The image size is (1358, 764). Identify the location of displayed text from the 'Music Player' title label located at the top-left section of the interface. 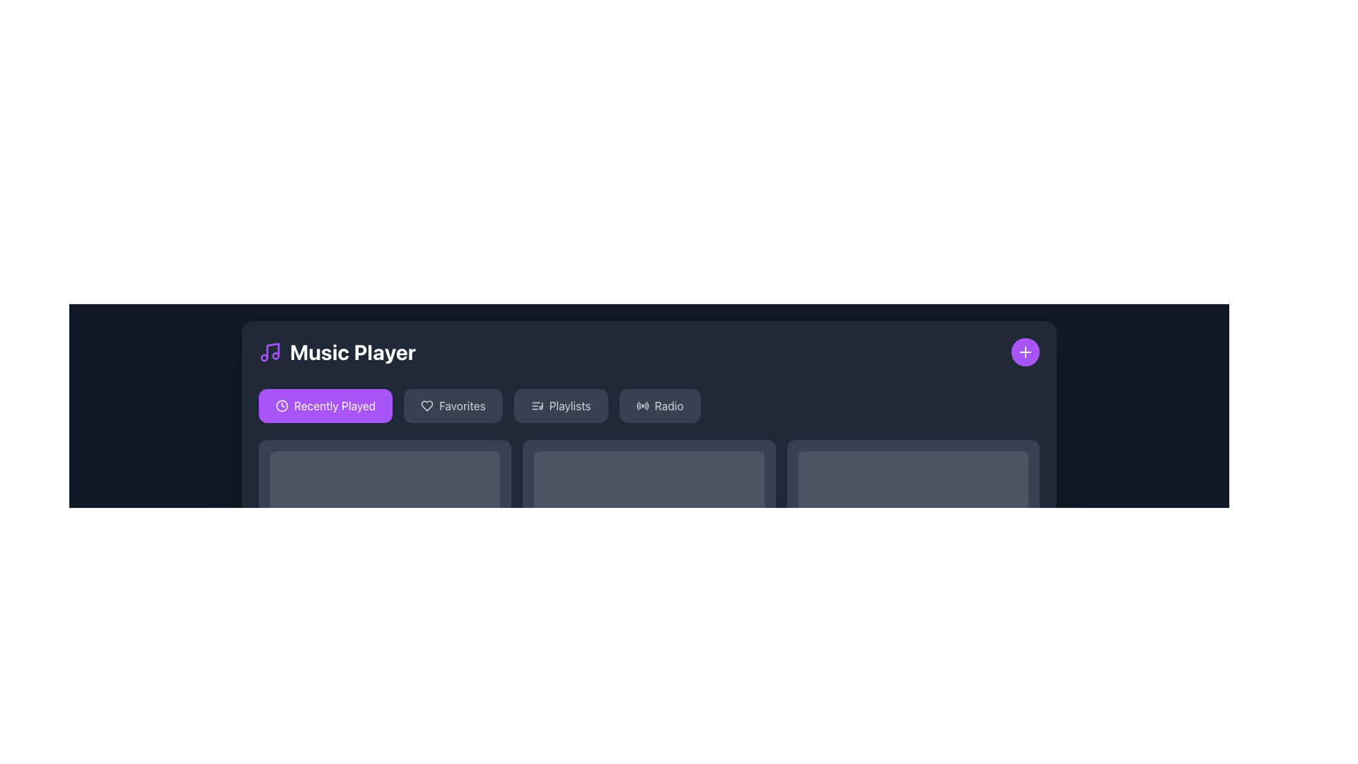
(337, 351).